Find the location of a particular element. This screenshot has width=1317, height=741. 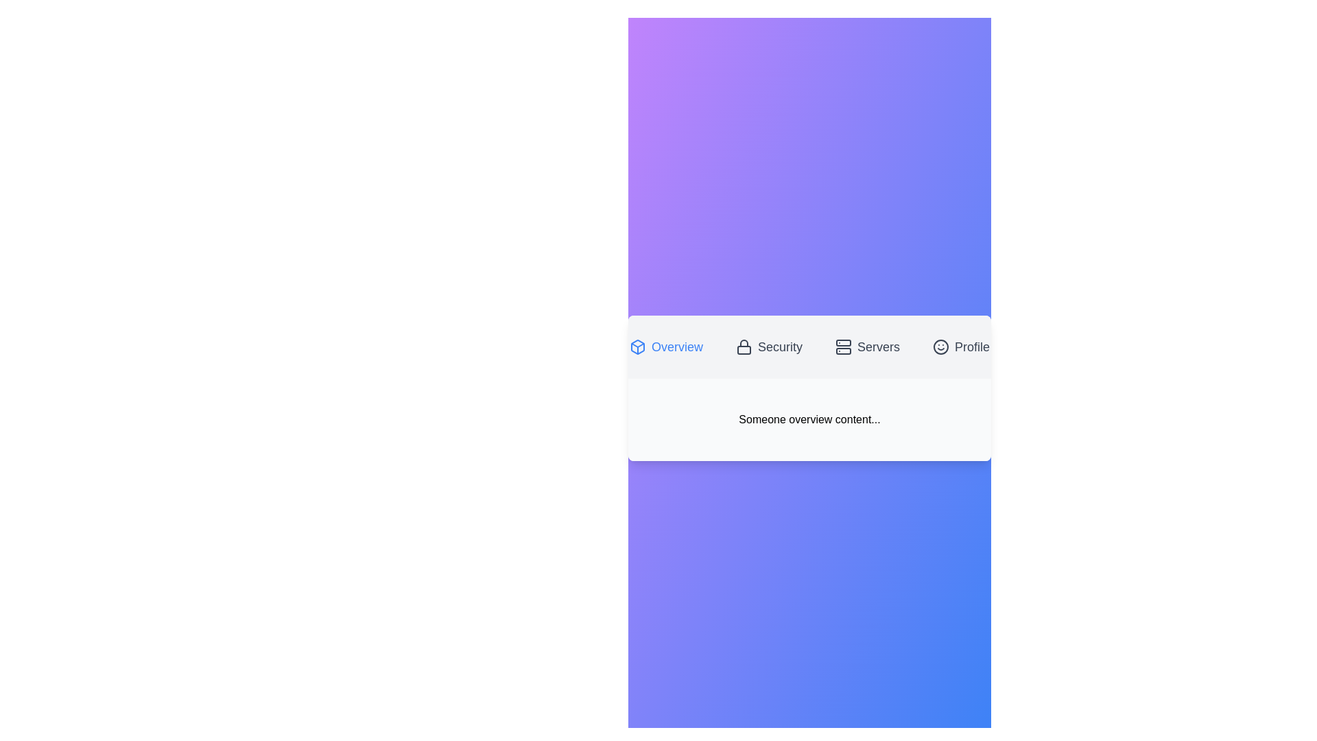

the 'Servers' menu item icon located near the center of the interface is located at coordinates (842, 346).